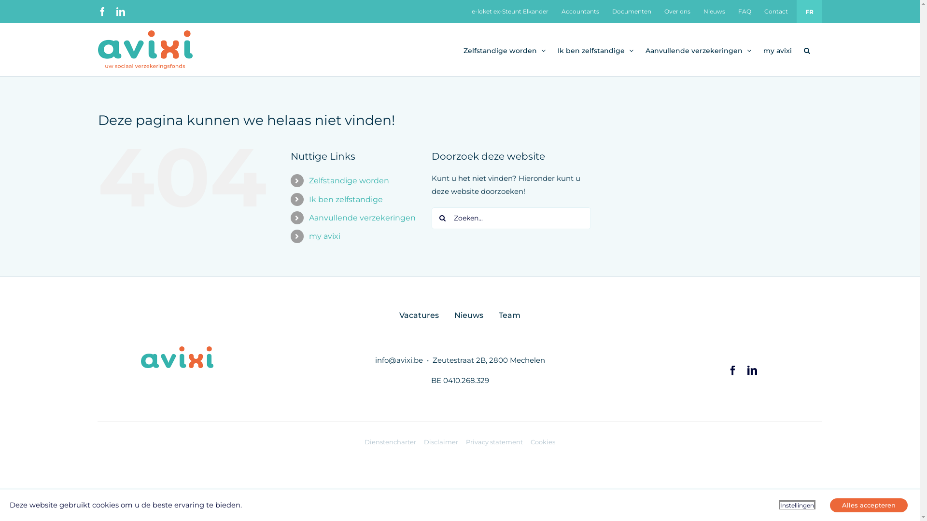  I want to click on 'Zoeken', so click(806, 50).